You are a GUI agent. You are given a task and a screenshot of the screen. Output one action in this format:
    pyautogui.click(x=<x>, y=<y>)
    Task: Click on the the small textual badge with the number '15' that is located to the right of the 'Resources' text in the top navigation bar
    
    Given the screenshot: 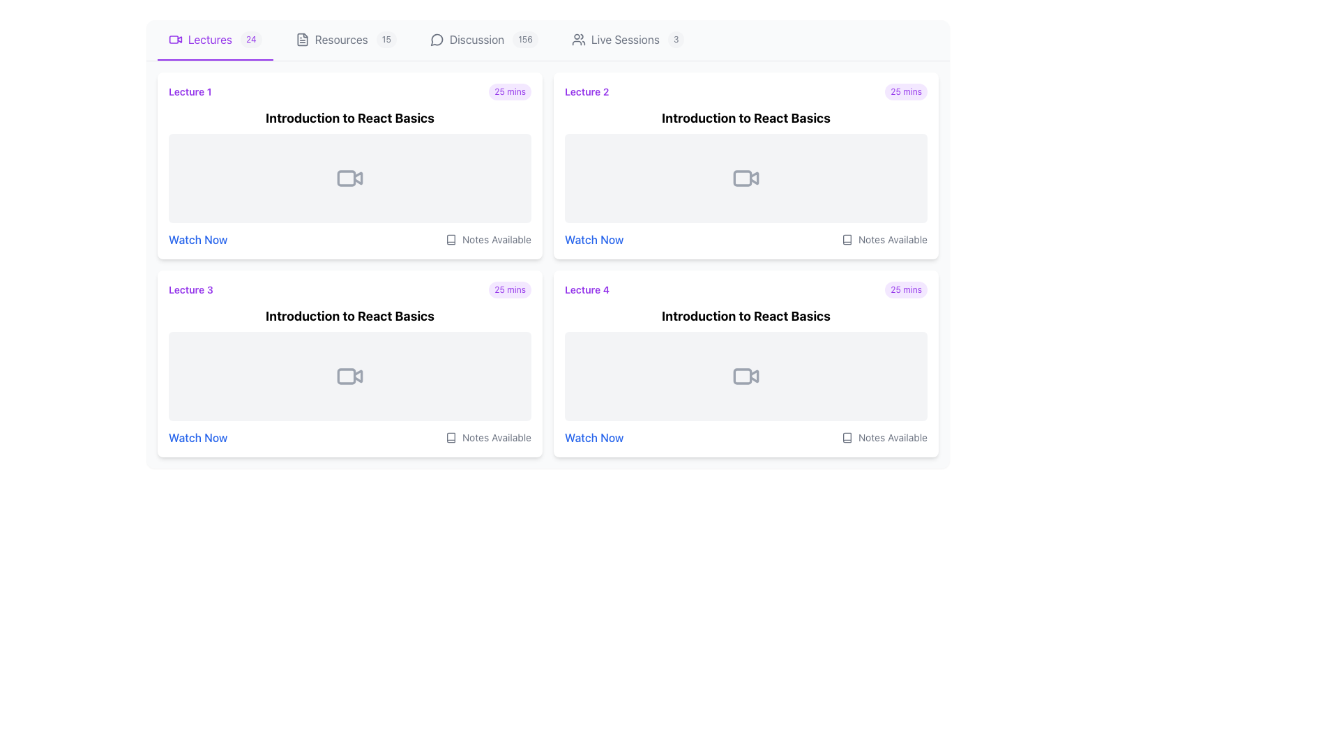 What is the action you would take?
    pyautogui.click(x=386, y=39)
    